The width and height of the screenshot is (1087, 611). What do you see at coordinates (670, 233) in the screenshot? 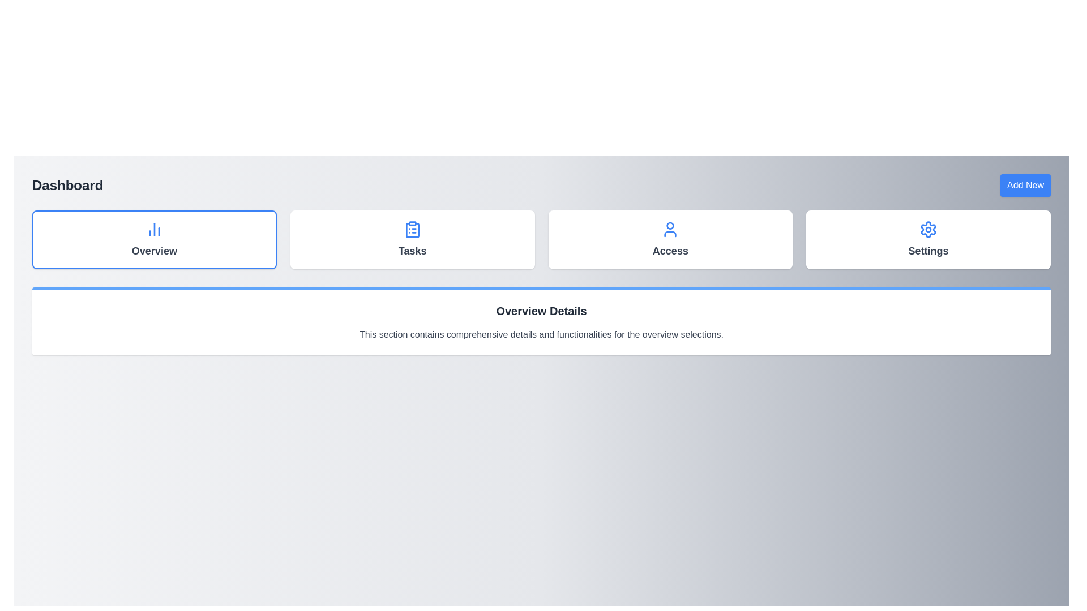
I see `lower component of the user icon represented by the SVG element located in the Access card section using developer tools` at bounding box center [670, 233].